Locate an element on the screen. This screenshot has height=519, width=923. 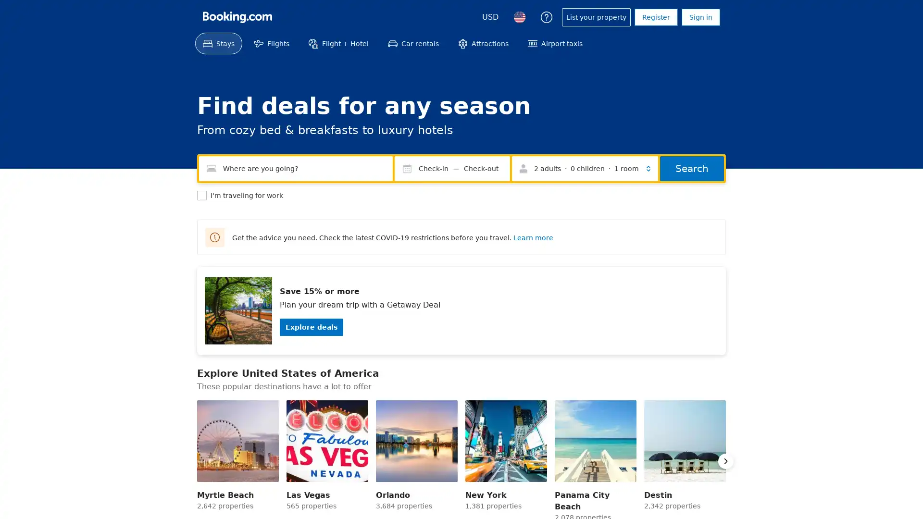
Search is located at coordinates (691, 168).